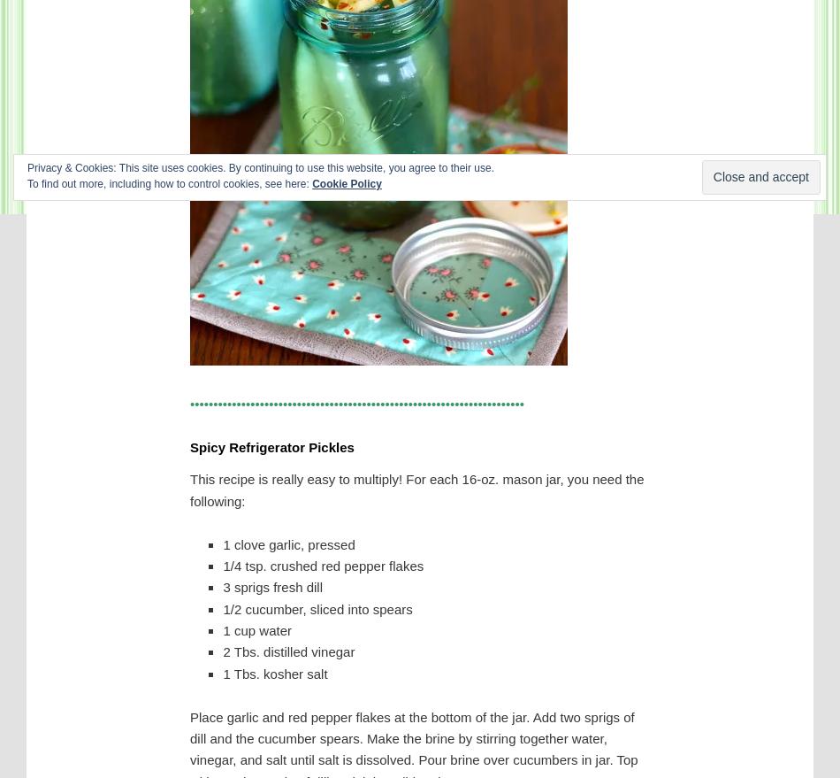 The image size is (840, 778). Describe the element at coordinates (274, 673) in the screenshot. I see `'1 Tbs. kosher salt'` at that location.